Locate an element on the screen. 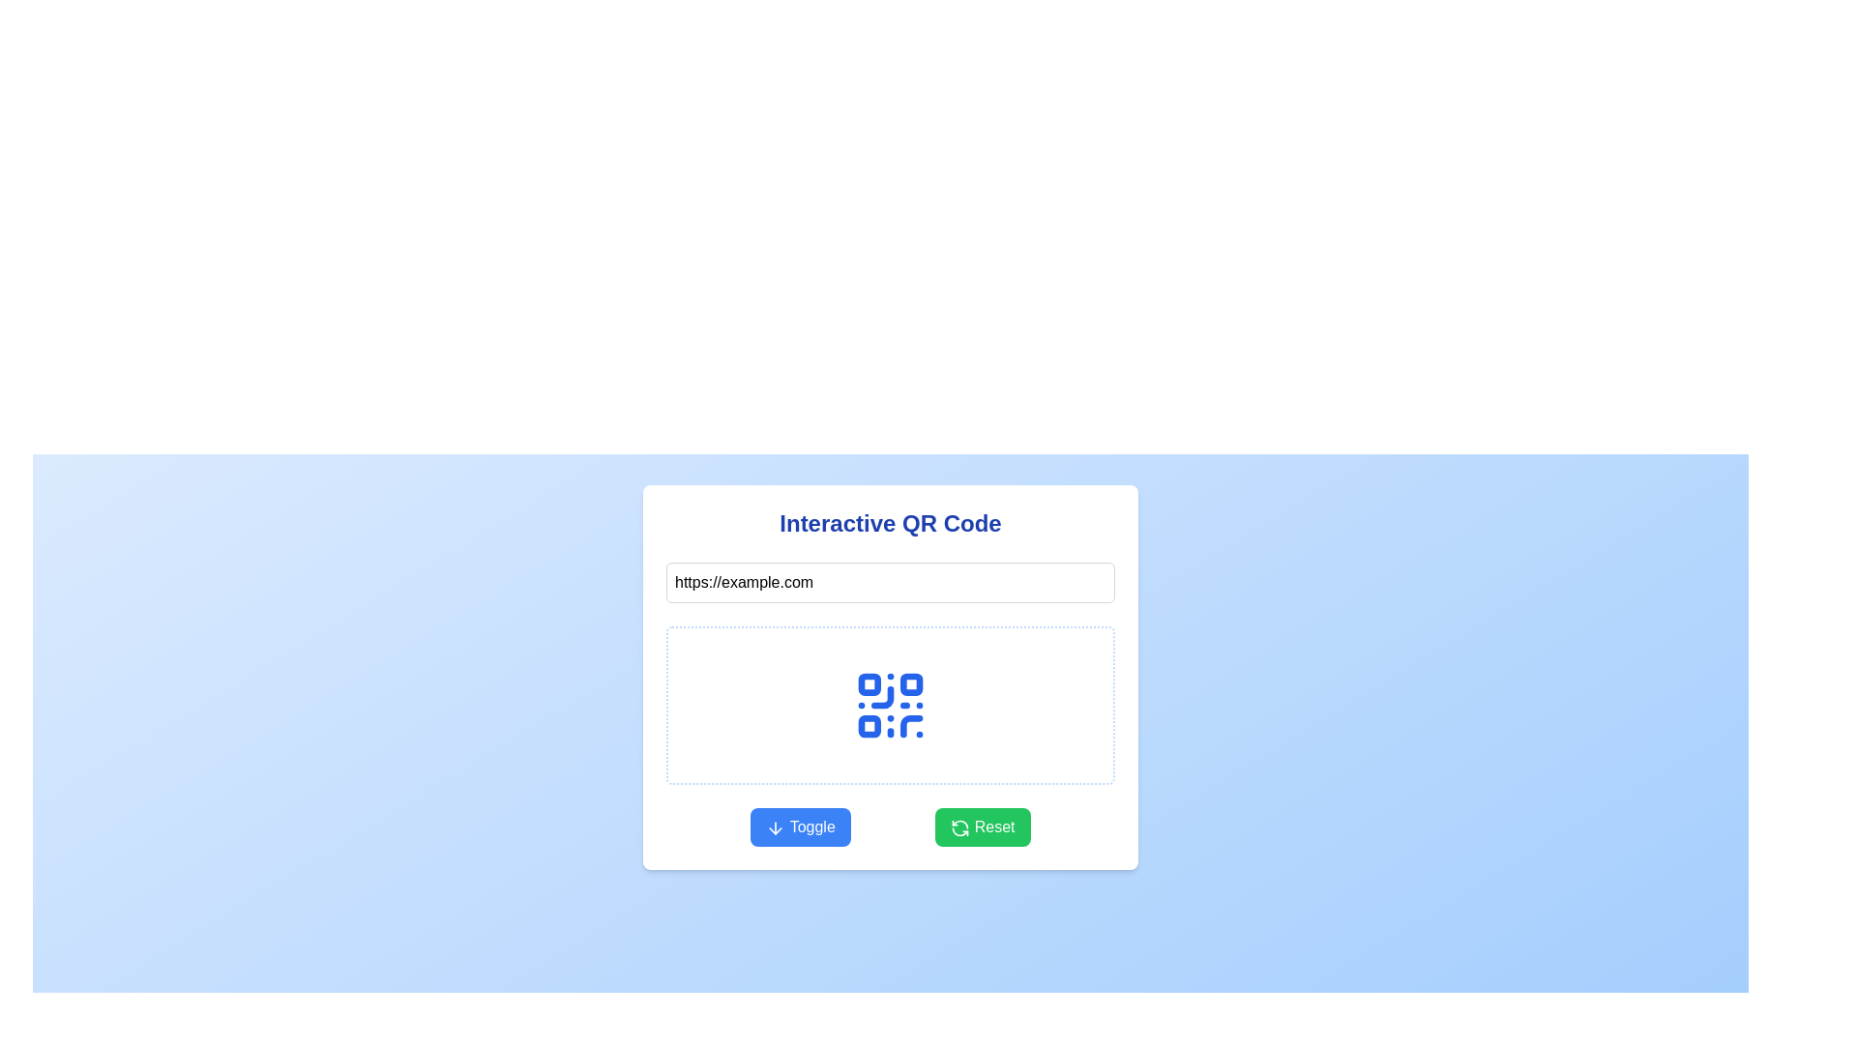 This screenshot has height=1044, width=1857. the small square component with a blue frame and rounded corners located at the top right of the QR code representation is located at coordinates (910, 683).